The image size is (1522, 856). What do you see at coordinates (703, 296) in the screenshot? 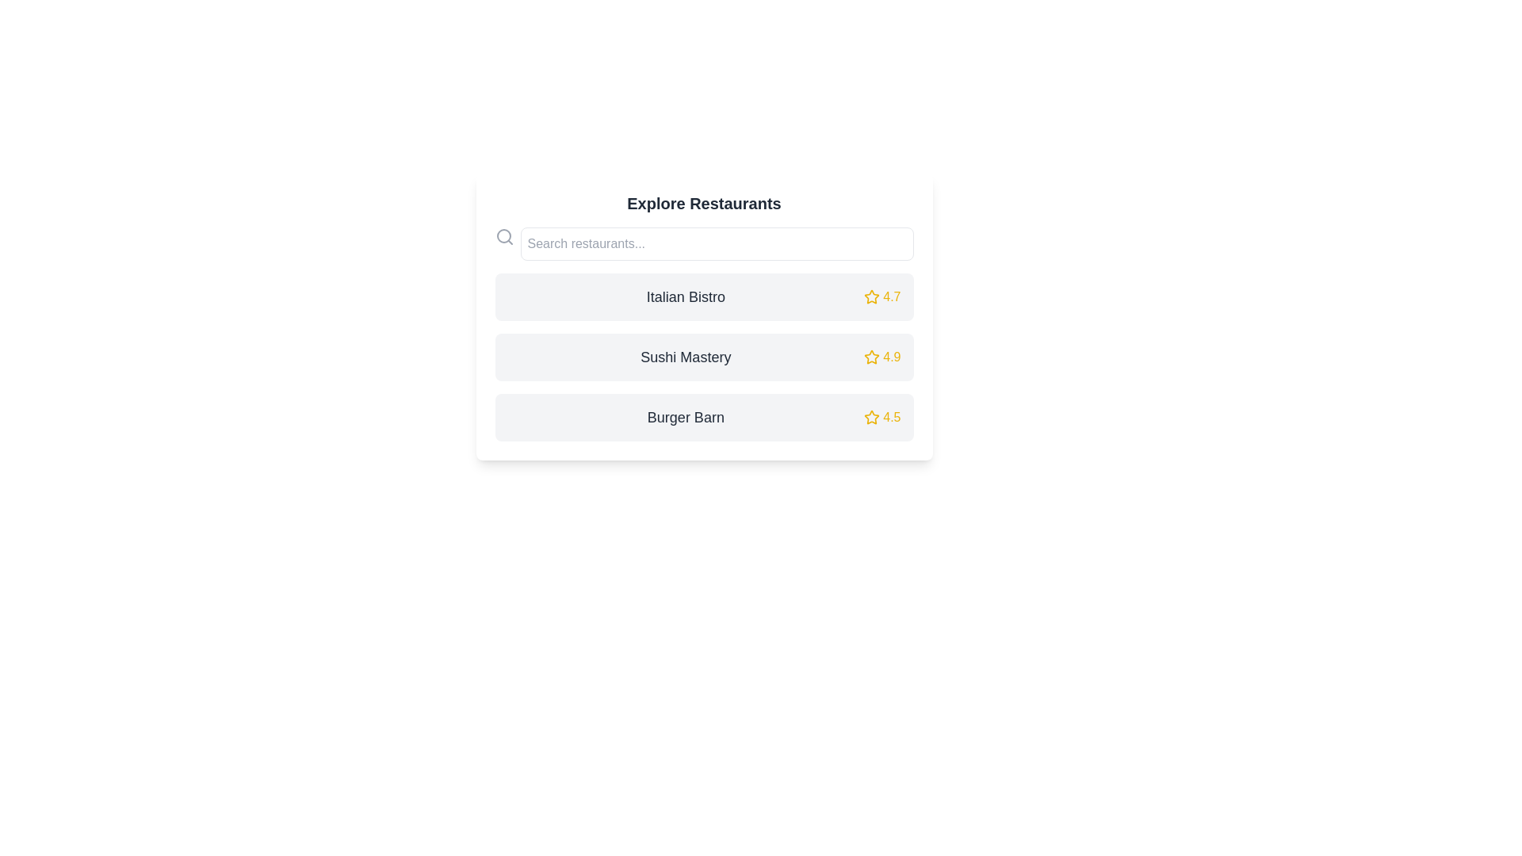
I see `the non-interactive button-like list item displaying 'Italian Bistro' with a rating of '4.7' and a star icon, located below the search bar` at bounding box center [703, 296].